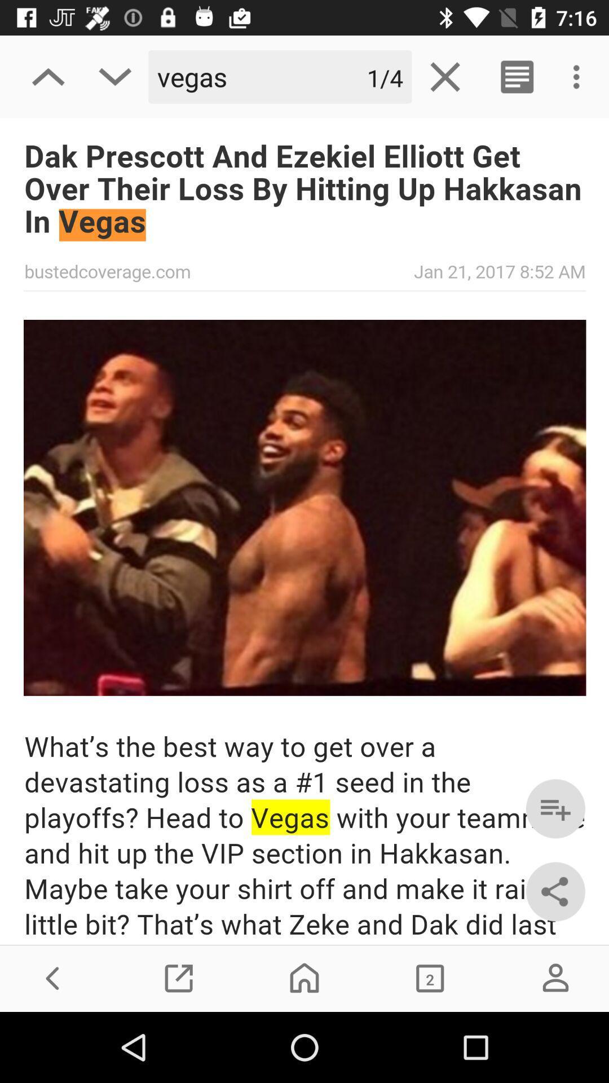  I want to click on the arrow_backward icon, so click(53, 978).